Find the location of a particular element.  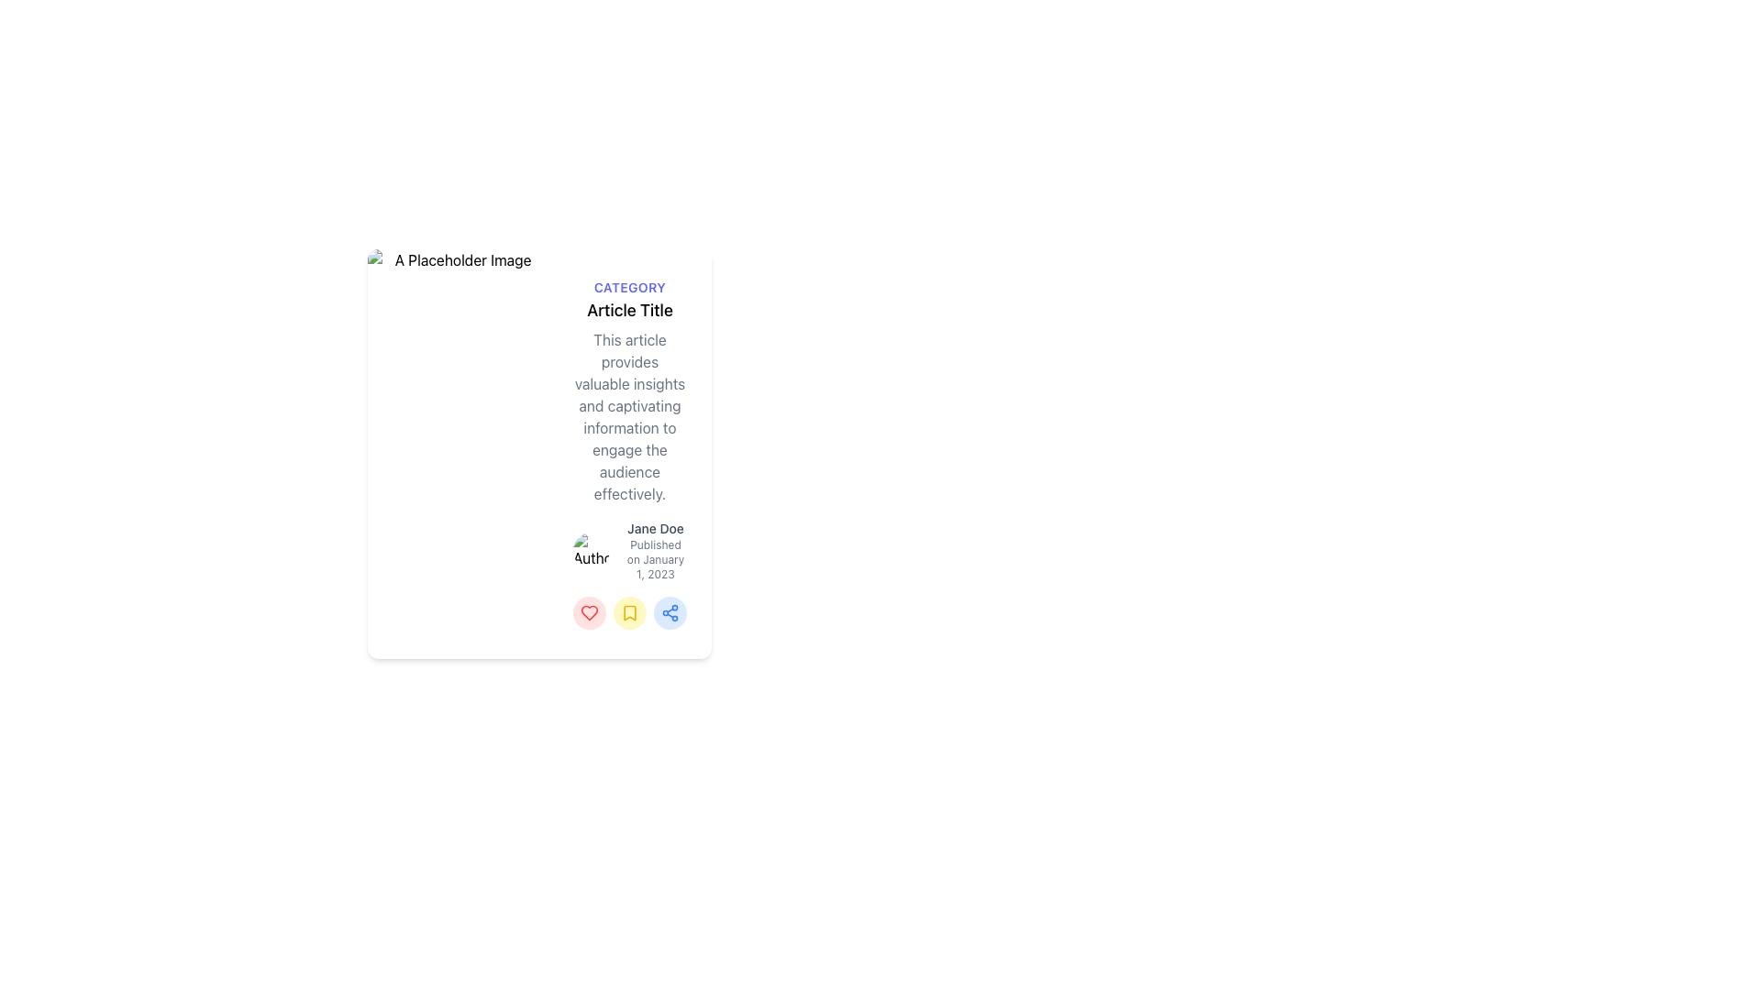

the text label displaying 'Jane Doe' located in the bottom-left section of the panel, positioned below the author icon and above the text 'Published on January 1, 2023' is located at coordinates (656, 528).